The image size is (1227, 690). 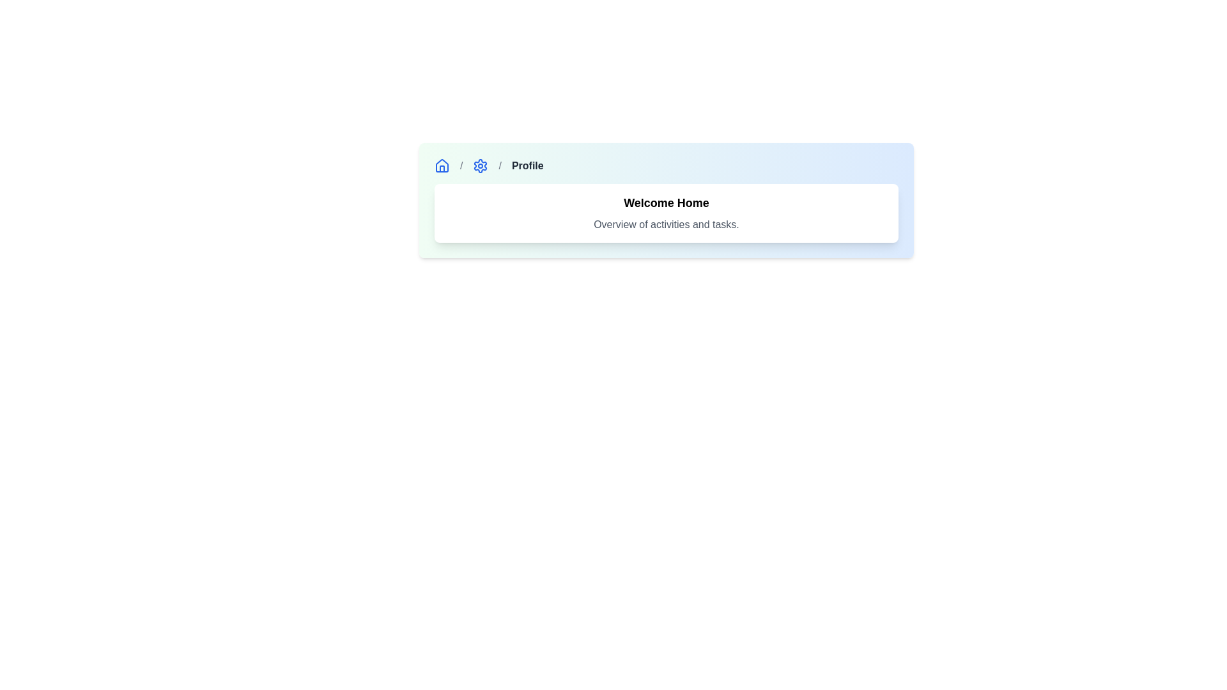 I want to click on the interactive home button icon located at the far left of the breadcrumb navigation bar, so click(x=442, y=165).